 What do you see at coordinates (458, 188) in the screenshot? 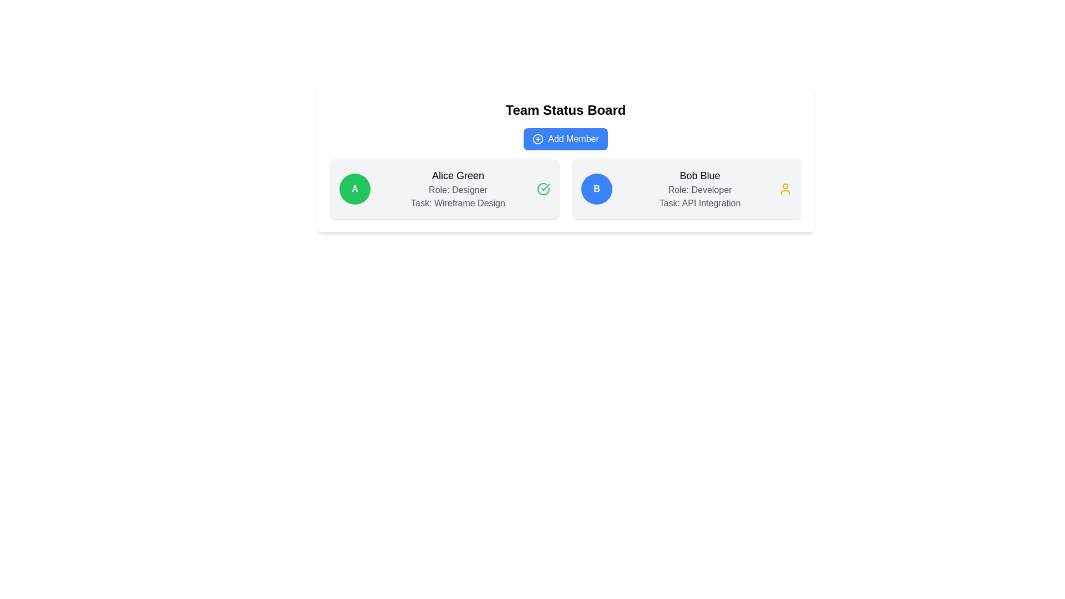
I see `the Text Display Block that summarizes a team member's name, role, and current task for accessibility purposes` at bounding box center [458, 188].